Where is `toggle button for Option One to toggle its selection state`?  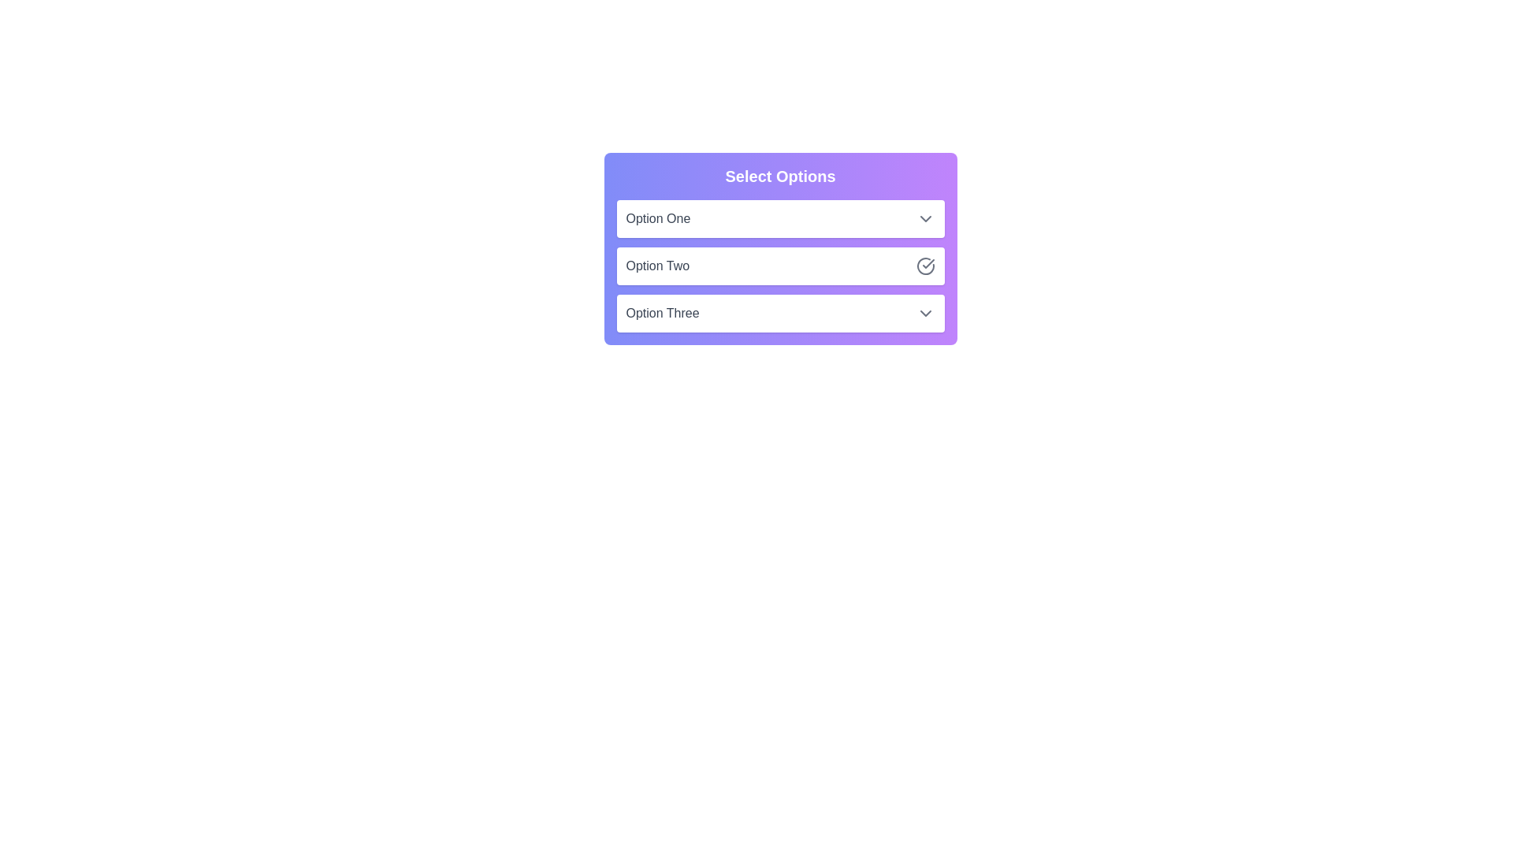 toggle button for Option One to toggle its selection state is located at coordinates (925, 218).